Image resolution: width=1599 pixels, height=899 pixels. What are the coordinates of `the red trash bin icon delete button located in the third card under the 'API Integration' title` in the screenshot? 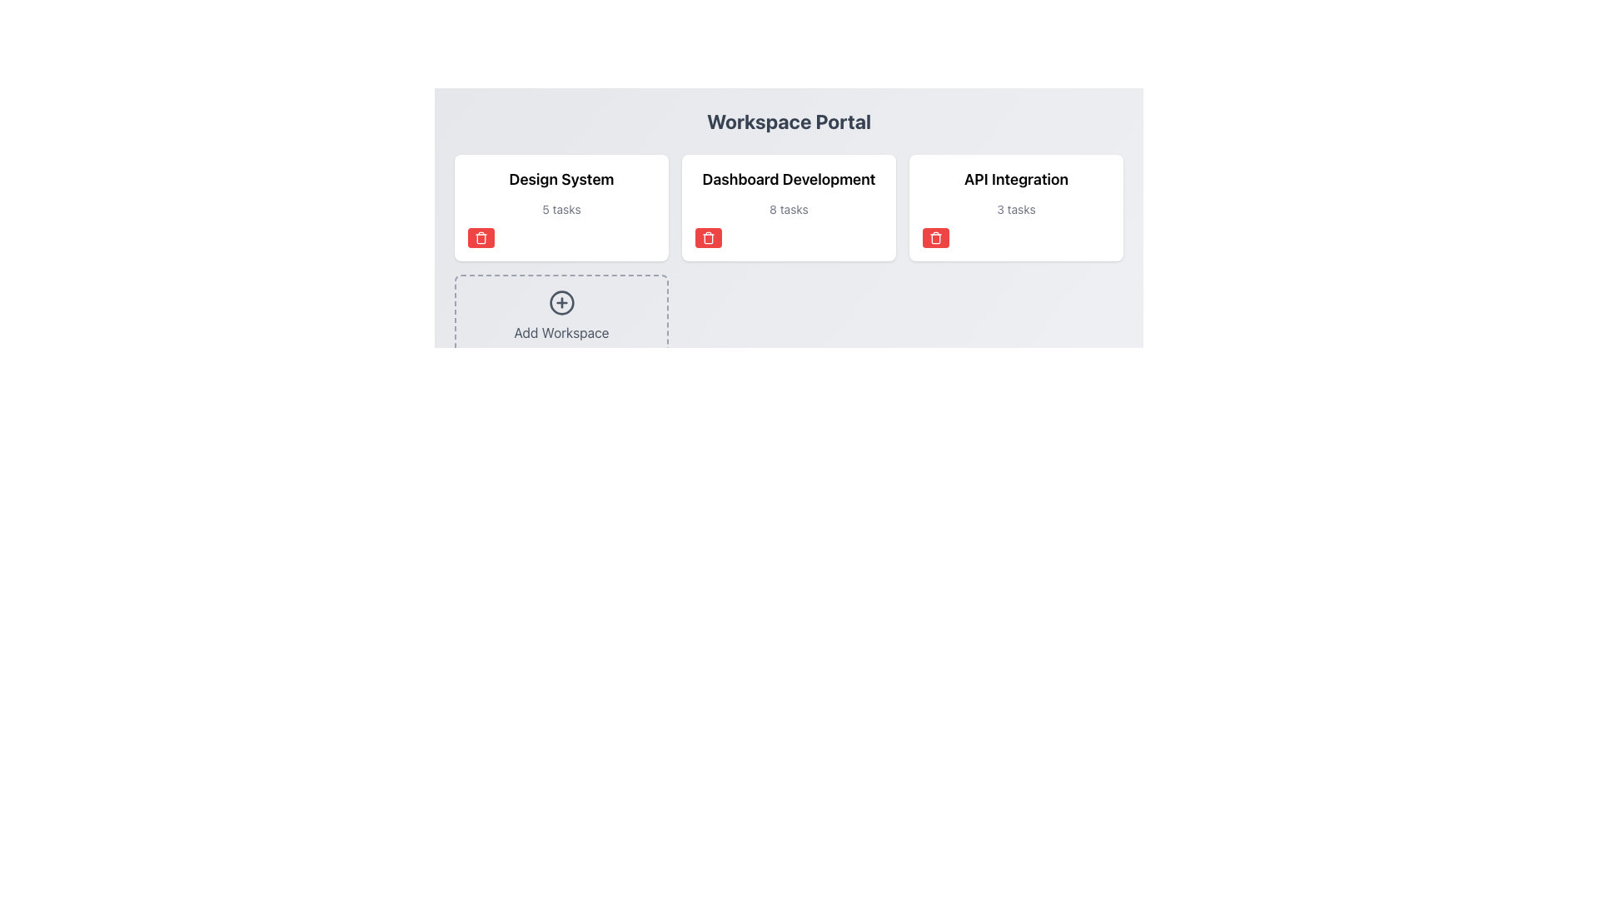 It's located at (935, 237).